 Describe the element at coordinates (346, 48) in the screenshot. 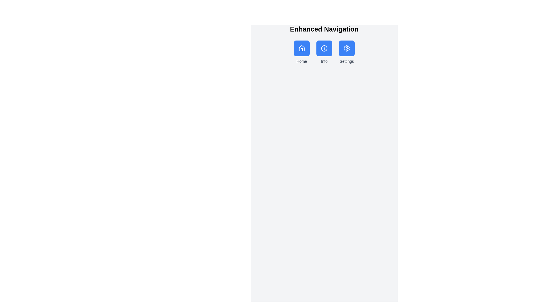

I see `the settings button with a blue background and gear icon located in the top-right section of the Enhanced Navigation header` at that location.